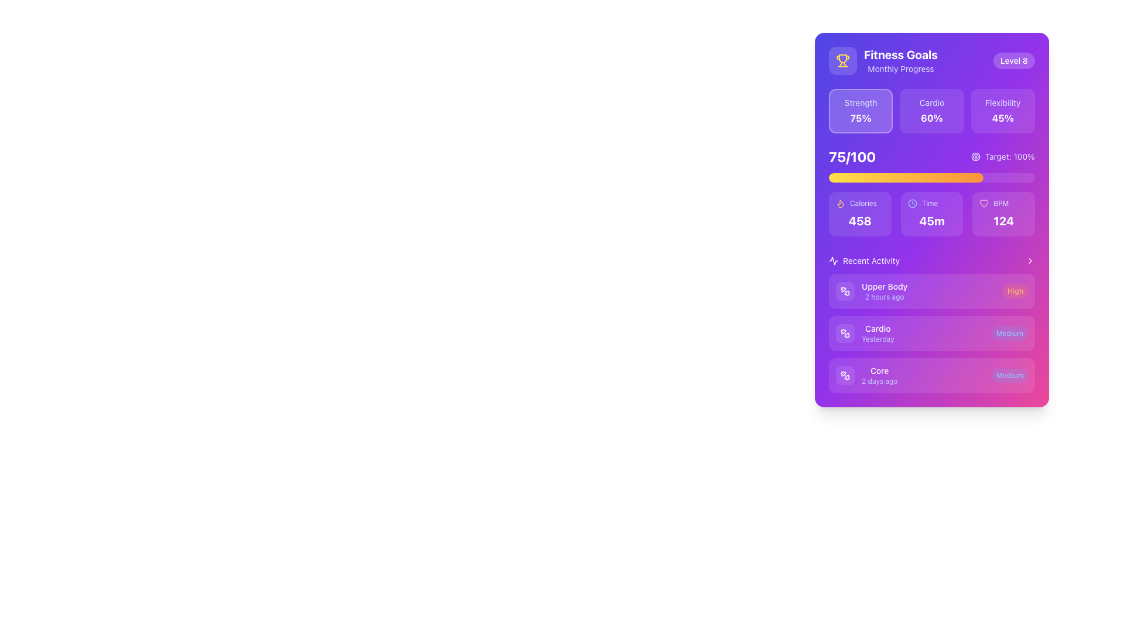 Image resolution: width=1124 pixels, height=632 pixels. I want to click on the central part of the trophy icon in the top-left corner of the 'Fitness Goals' card, which emphasizes the context of 'Fitness Goals', so click(843, 59).